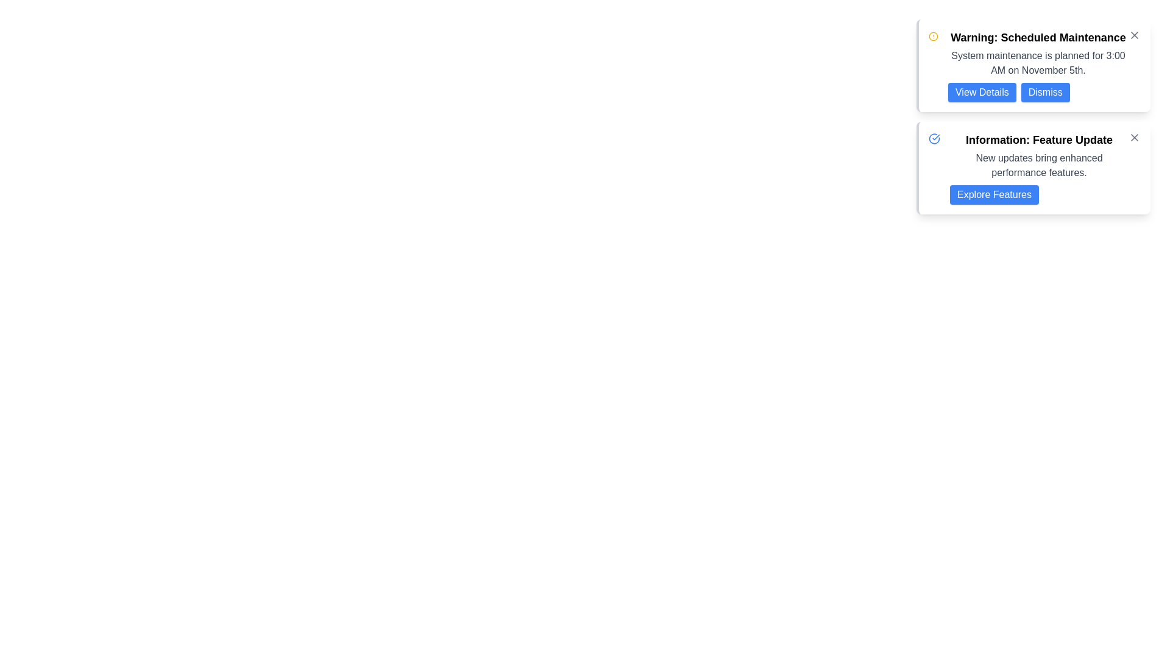  I want to click on the button located at the bottom right of the 'Information: Feature Update' card to observe the hover effect, so click(994, 194).